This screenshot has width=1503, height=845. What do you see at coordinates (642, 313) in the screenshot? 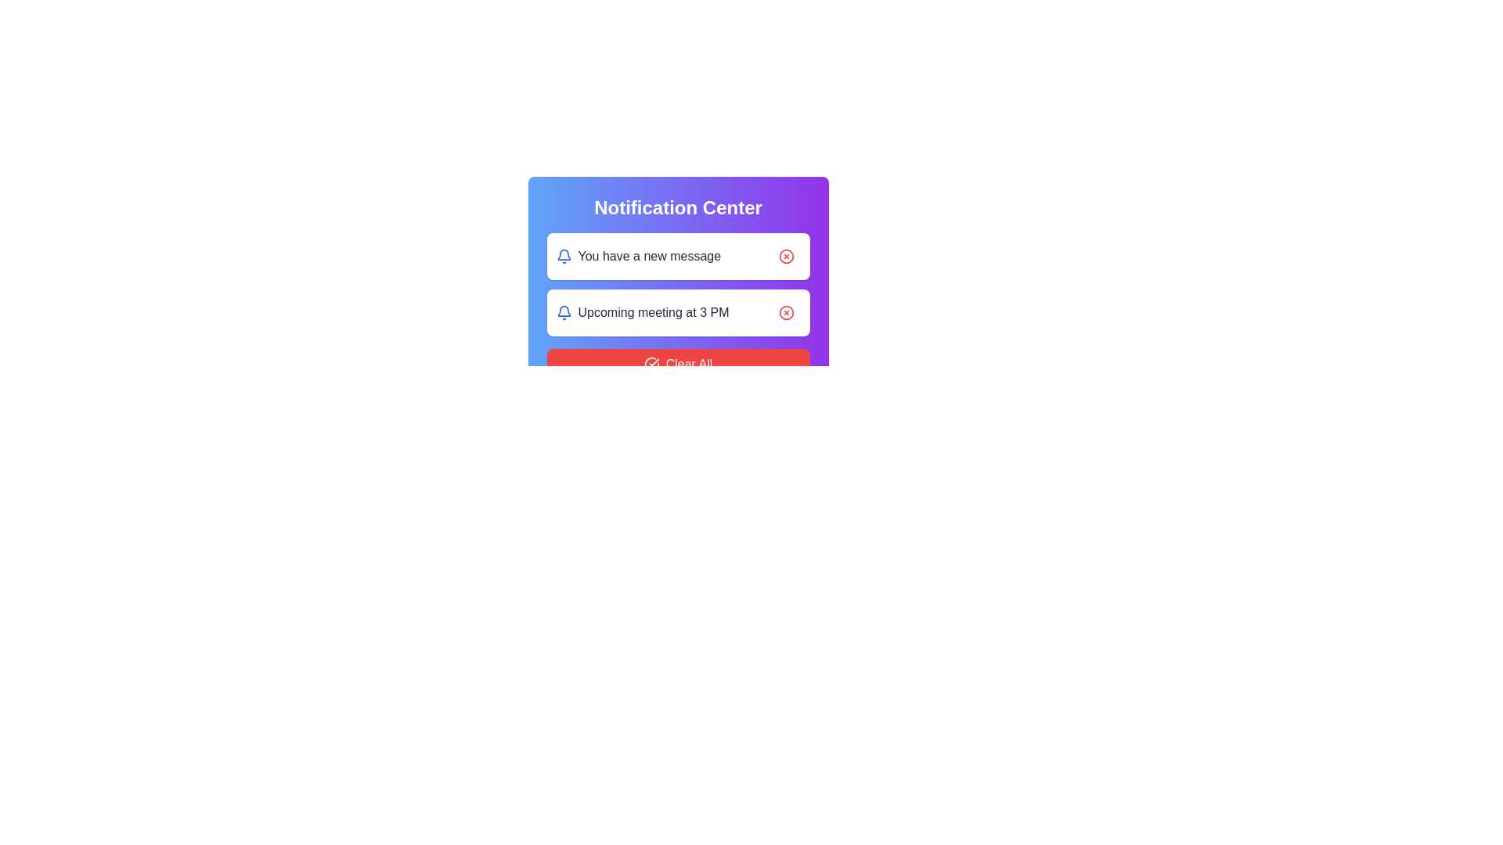
I see `the notification item that reads 'Upcoming meeting at 3 PM' with a blue bell icon to its left, located in the second row of the notification list` at bounding box center [642, 313].